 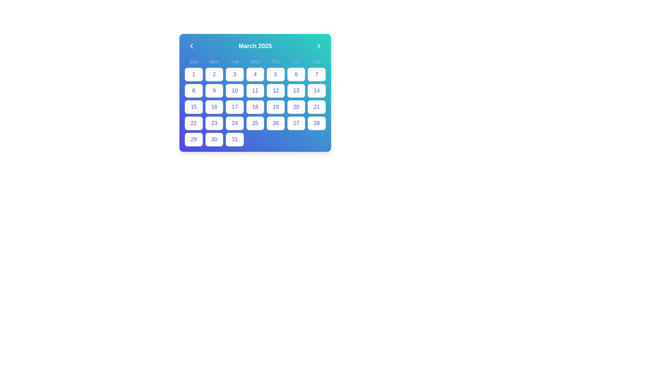 I want to click on the circular blue button with a left-pointing chevron icon, so click(x=191, y=46).